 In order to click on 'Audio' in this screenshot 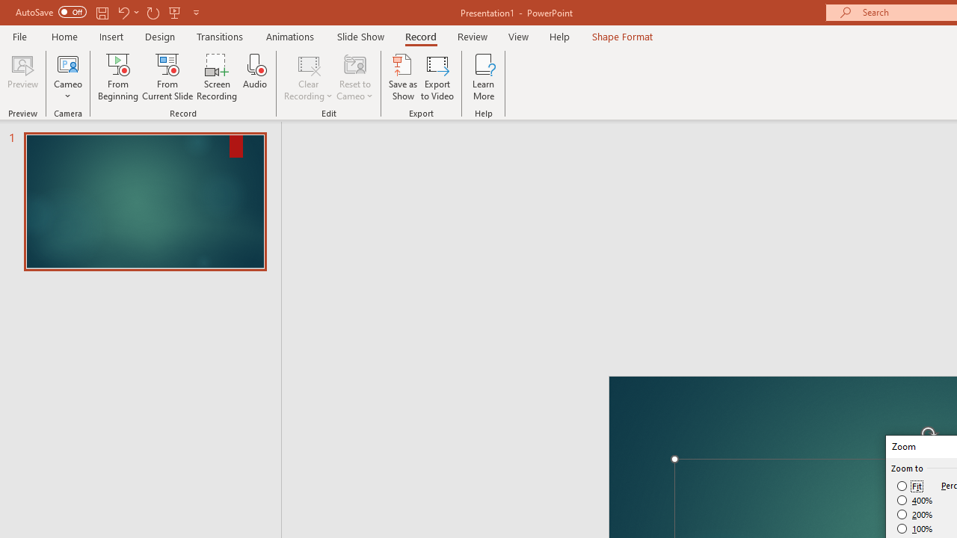, I will do `click(255, 77)`.